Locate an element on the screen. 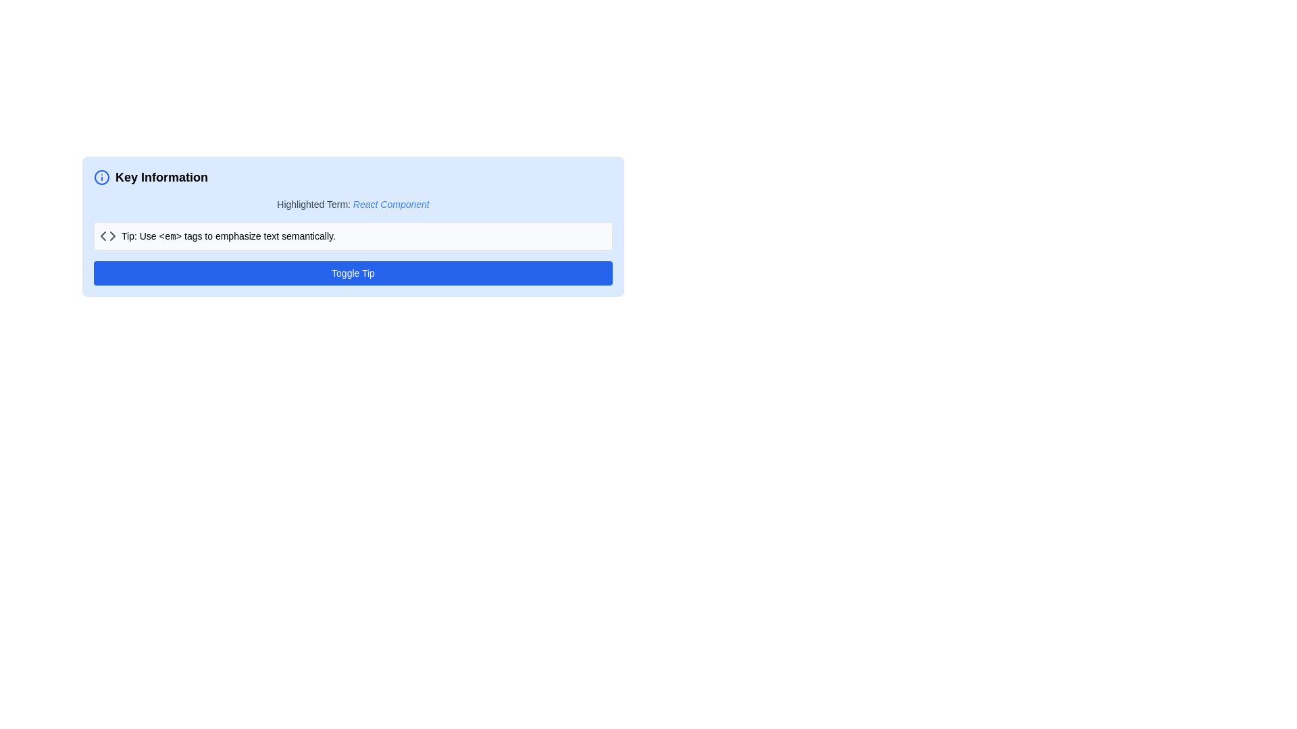 The height and width of the screenshot is (729, 1297). the SVG circle element that is part of the information icon located in the top-left corner of the 'Key Information' section is located at coordinates (101, 176).